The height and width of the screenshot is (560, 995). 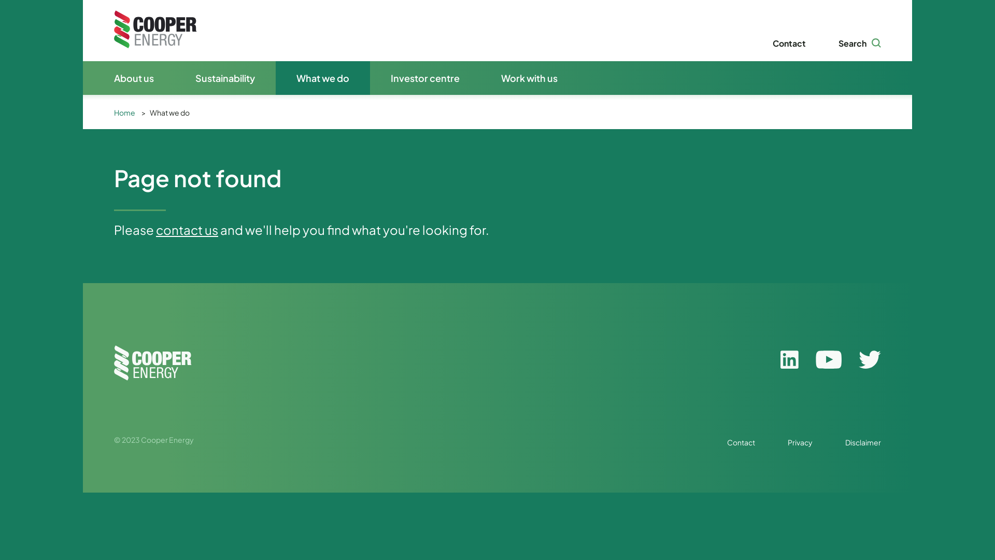 What do you see at coordinates (863, 442) in the screenshot?
I see `'Disclaimer'` at bounding box center [863, 442].